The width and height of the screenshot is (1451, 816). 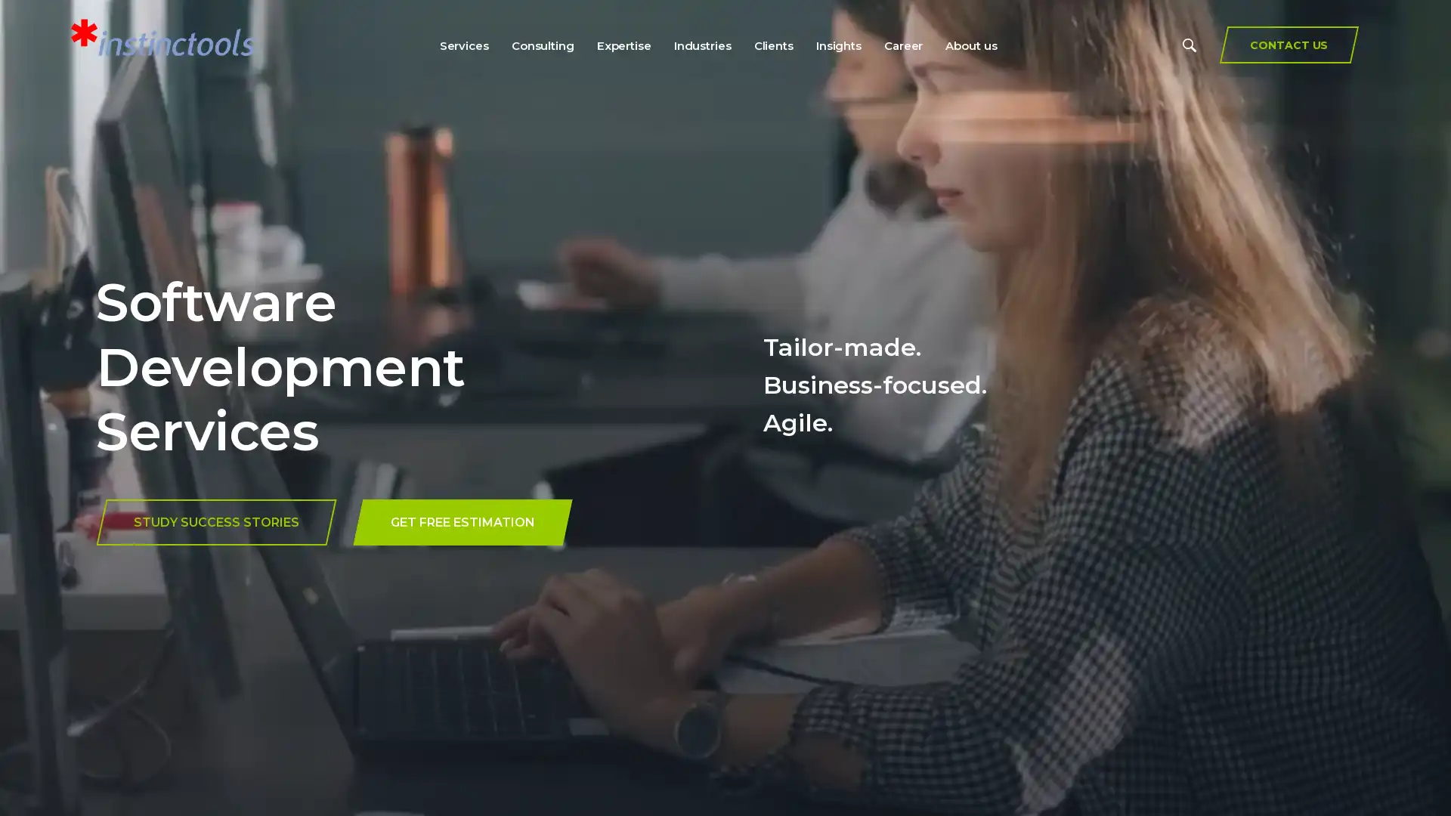 I want to click on STUDY SUCCESS STORIES, so click(x=215, y=521).